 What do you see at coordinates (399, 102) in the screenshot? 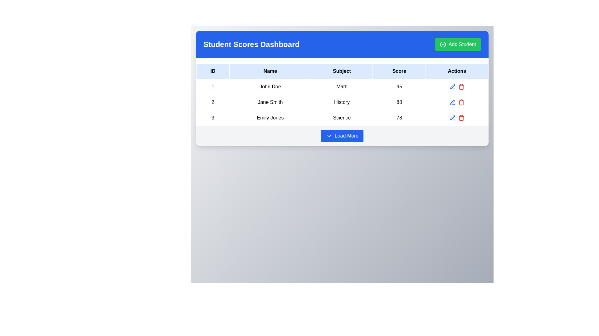
I see `the static text displaying the score for student 'Jane Smith' in the subject 'History' located in the fourth column of the second row of the table` at bounding box center [399, 102].